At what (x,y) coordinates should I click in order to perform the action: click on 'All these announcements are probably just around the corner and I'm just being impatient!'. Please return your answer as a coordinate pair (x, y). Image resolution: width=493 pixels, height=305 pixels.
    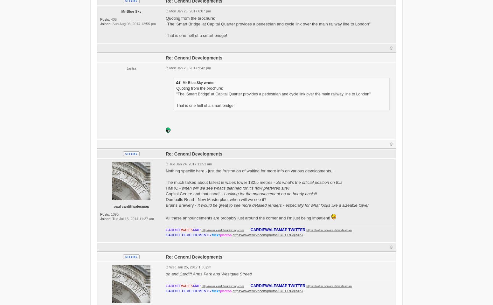
    Looking at the image, I should click on (248, 218).